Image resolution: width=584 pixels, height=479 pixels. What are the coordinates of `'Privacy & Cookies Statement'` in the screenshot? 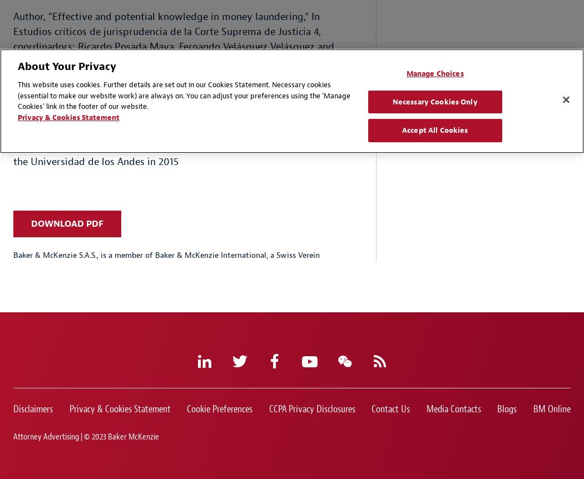 It's located at (68, 408).